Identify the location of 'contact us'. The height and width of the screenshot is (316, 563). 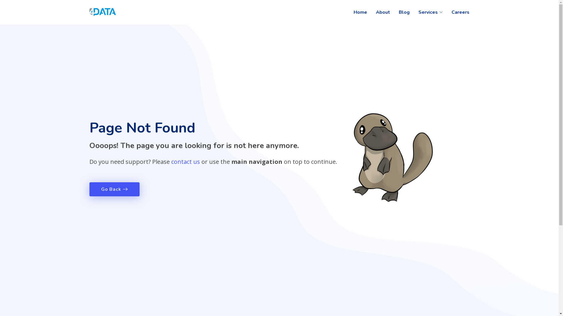
(185, 162).